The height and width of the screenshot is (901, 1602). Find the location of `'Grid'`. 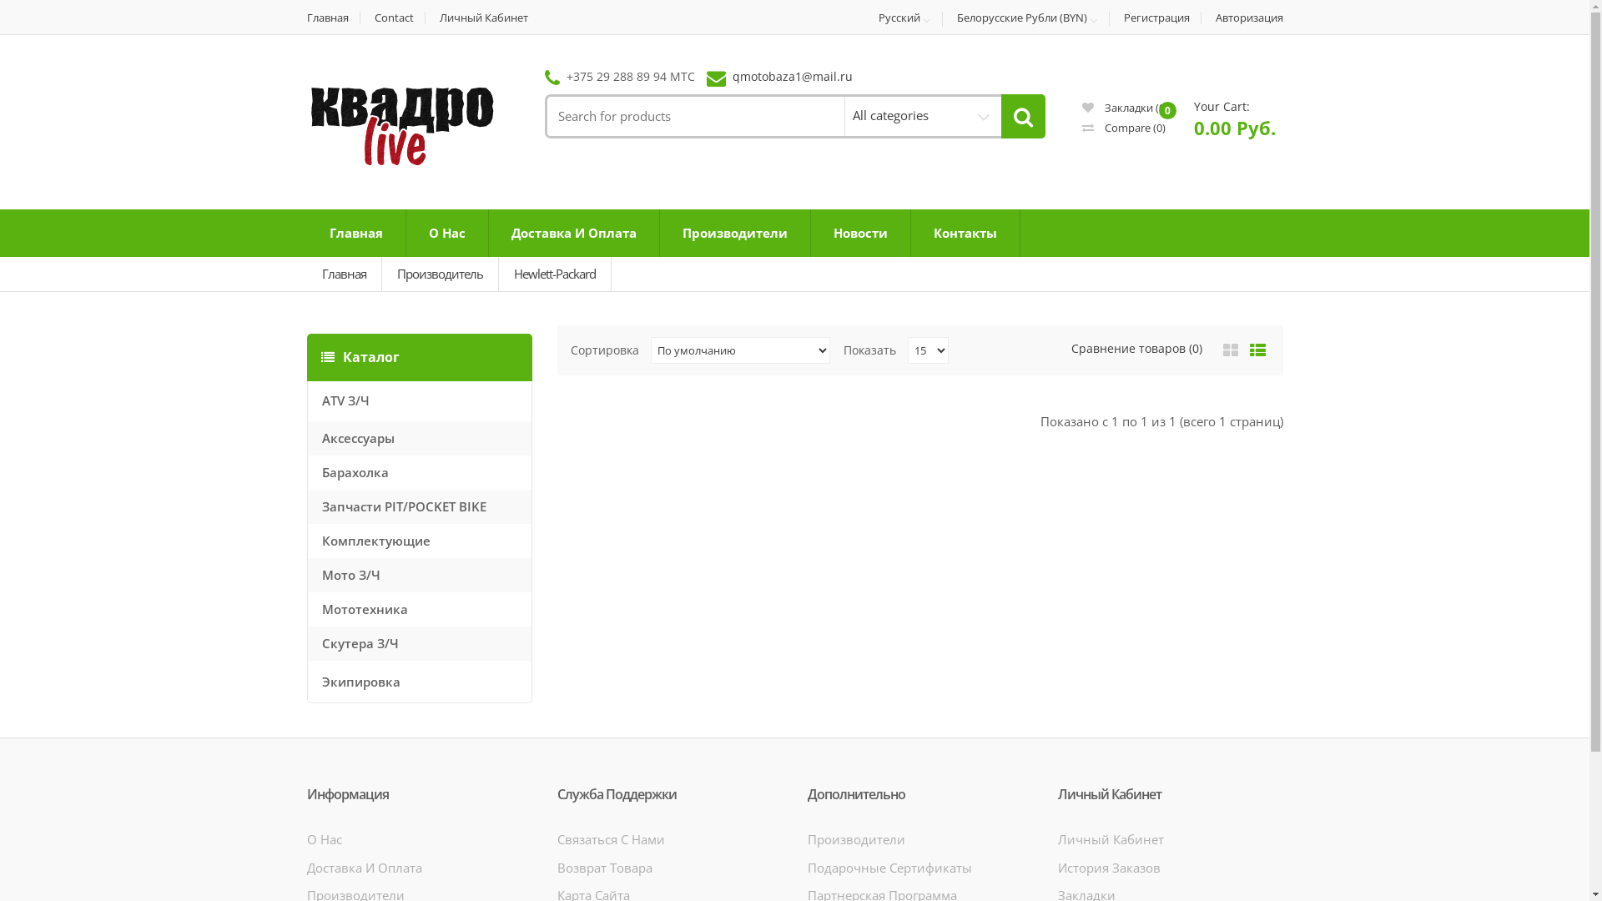

'Grid' is located at coordinates (1229, 350).